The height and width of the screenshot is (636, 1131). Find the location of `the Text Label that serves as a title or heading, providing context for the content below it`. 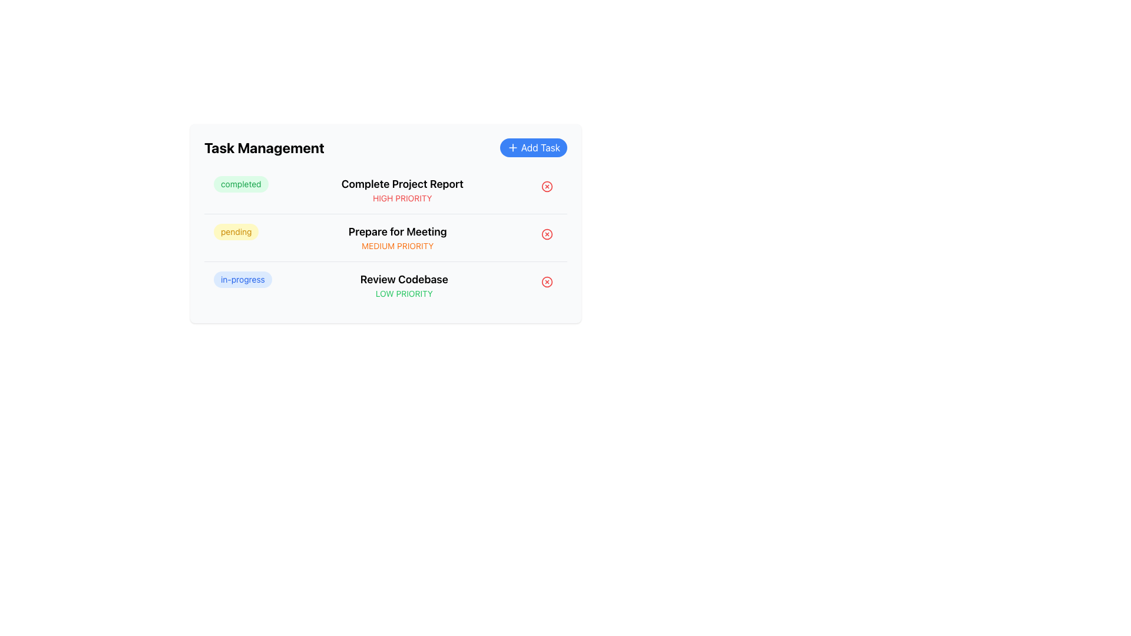

the Text Label that serves as a title or heading, providing context for the content below it is located at coordinates (263, 147).